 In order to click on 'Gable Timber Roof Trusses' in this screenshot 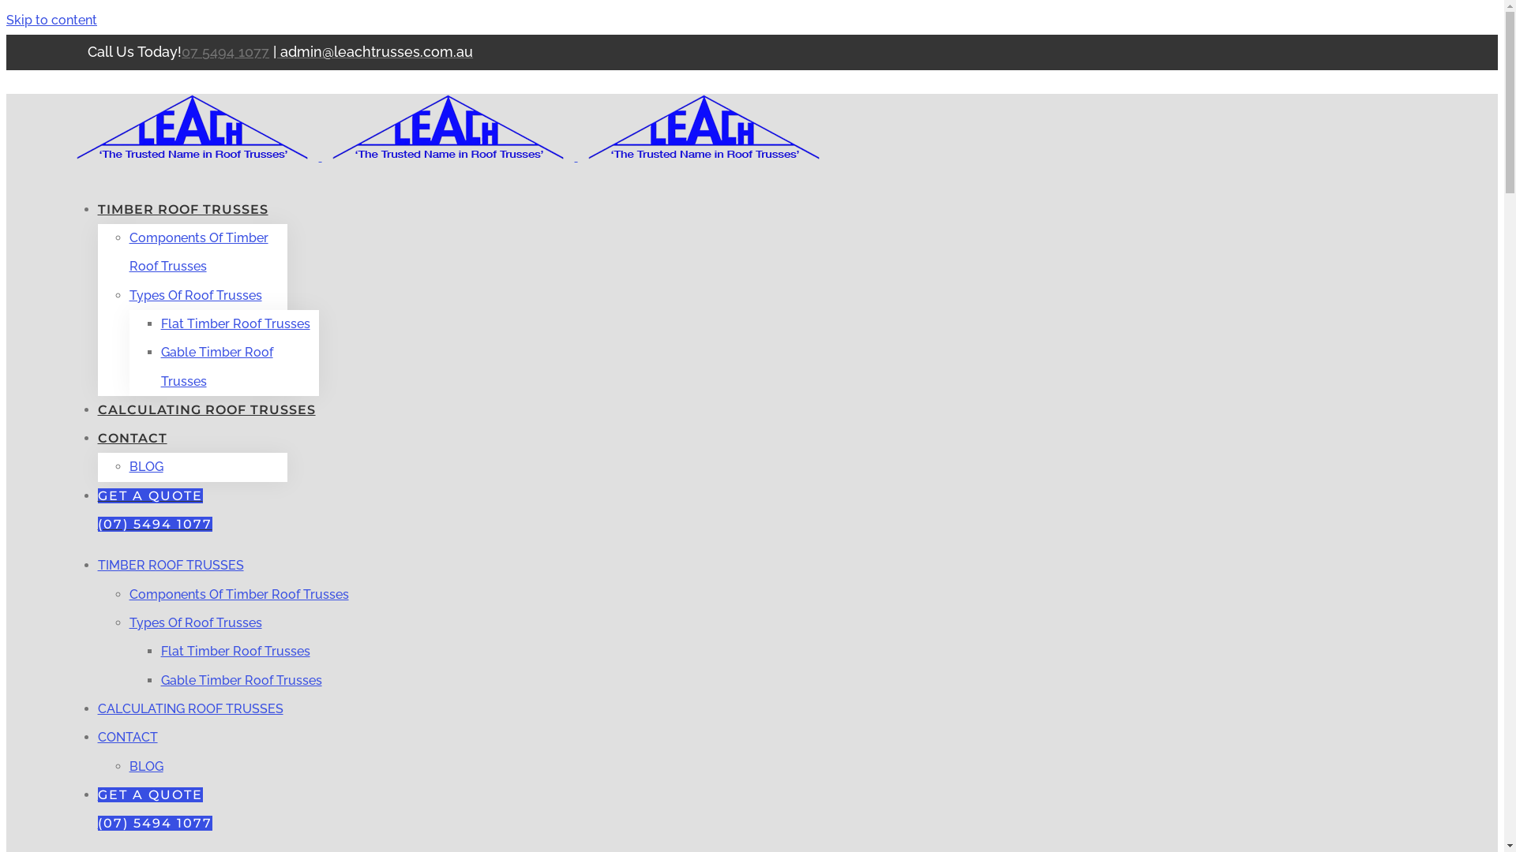, I will do `click(216, 367)`.